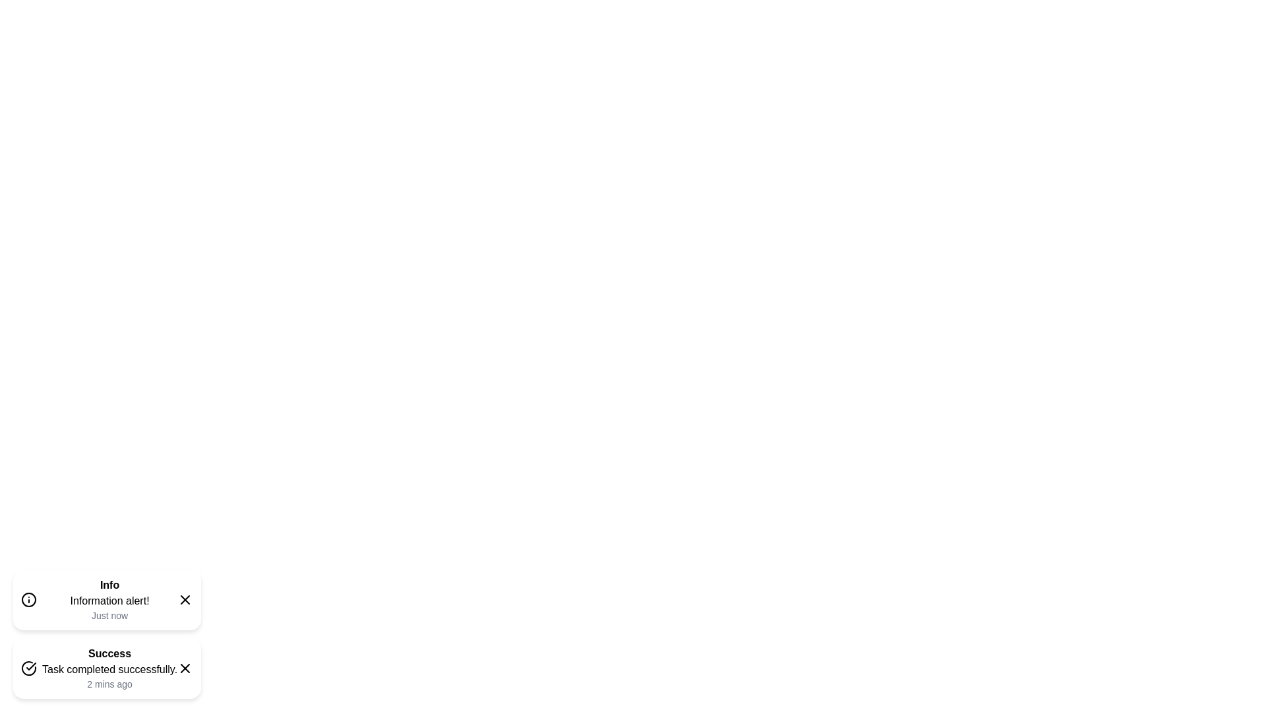  Describe the element at coordinates (185, 668) in the screenshot. I see `the close icon of the snackbar with type success` at that location.